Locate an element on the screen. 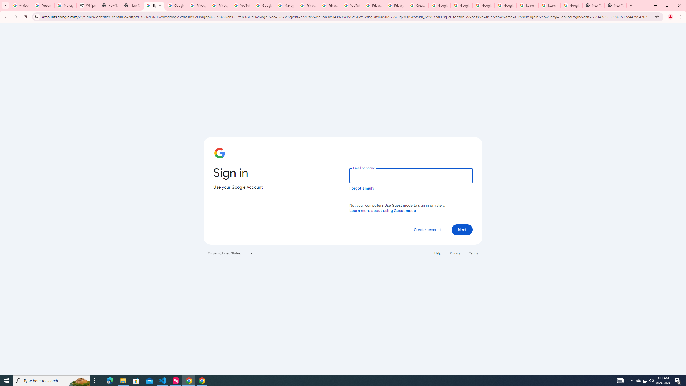 The image size is (686, 386). 'Create account' is located at coordinates (427, 229).